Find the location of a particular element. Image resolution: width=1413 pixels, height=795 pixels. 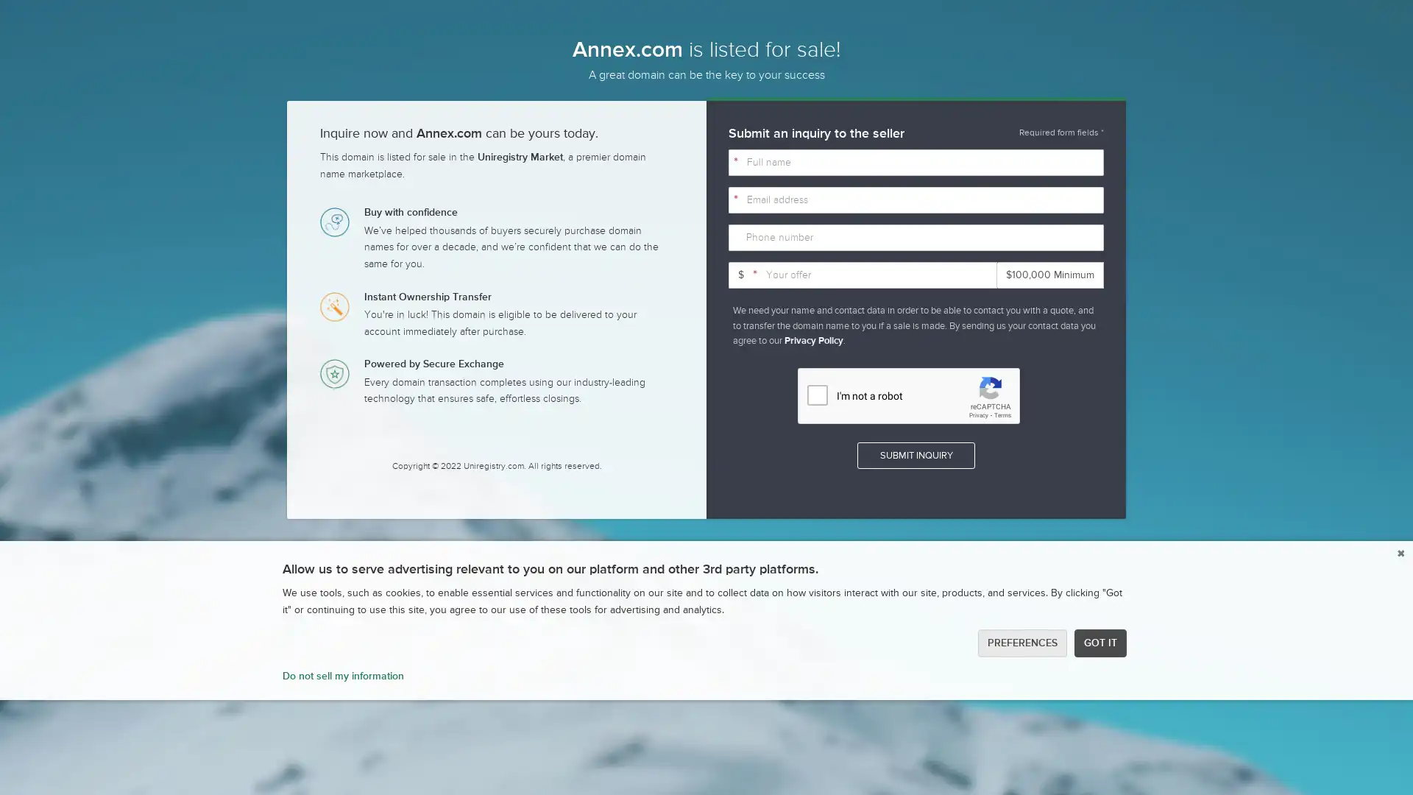

SUBMIT INQUIRY is located at coordinates (915, 454).